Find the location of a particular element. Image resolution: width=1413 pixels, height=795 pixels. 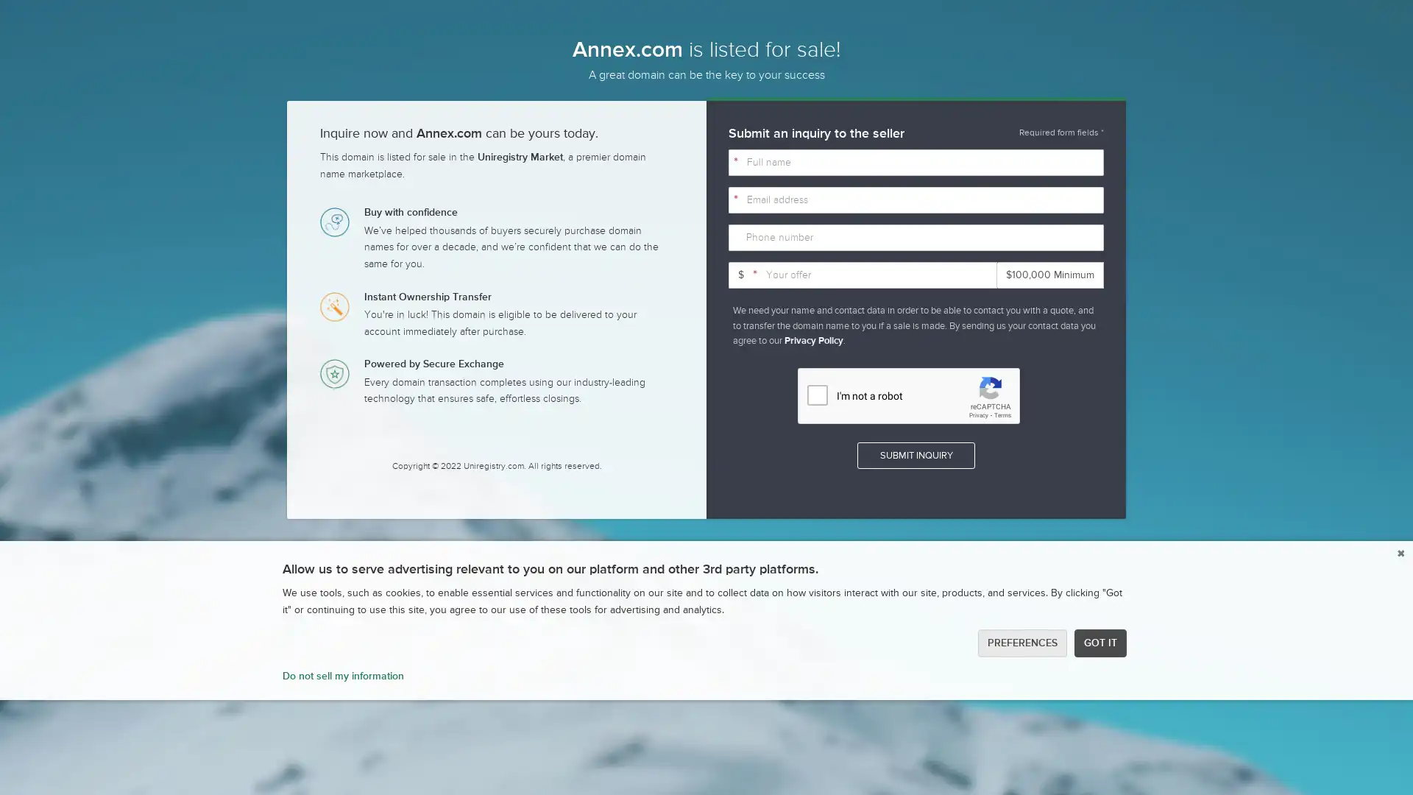

SUBMIT INQUIRY is located at coordinates (915, 454).